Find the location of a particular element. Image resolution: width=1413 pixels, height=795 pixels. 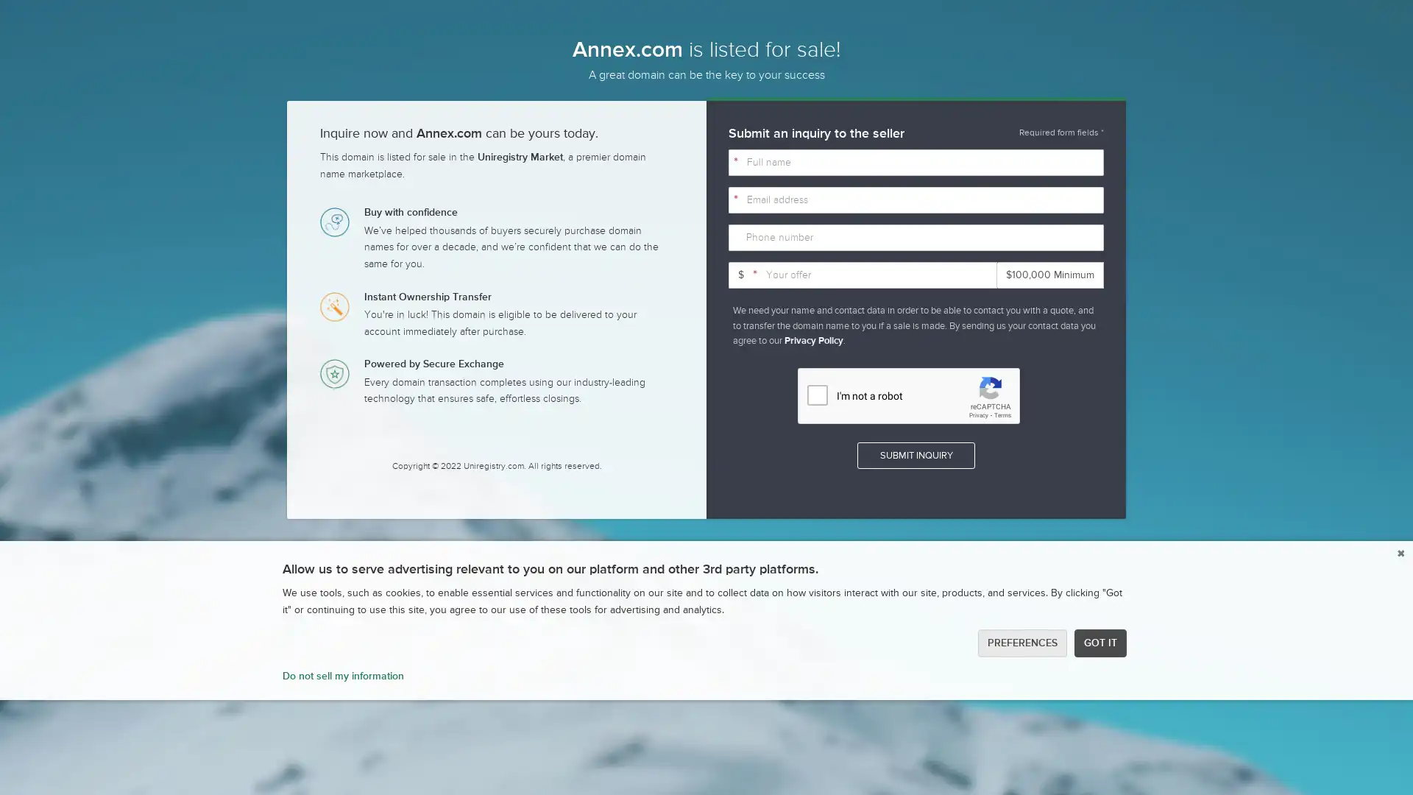

SUBMIT INQUIRY is located at coordinates (915, 454).